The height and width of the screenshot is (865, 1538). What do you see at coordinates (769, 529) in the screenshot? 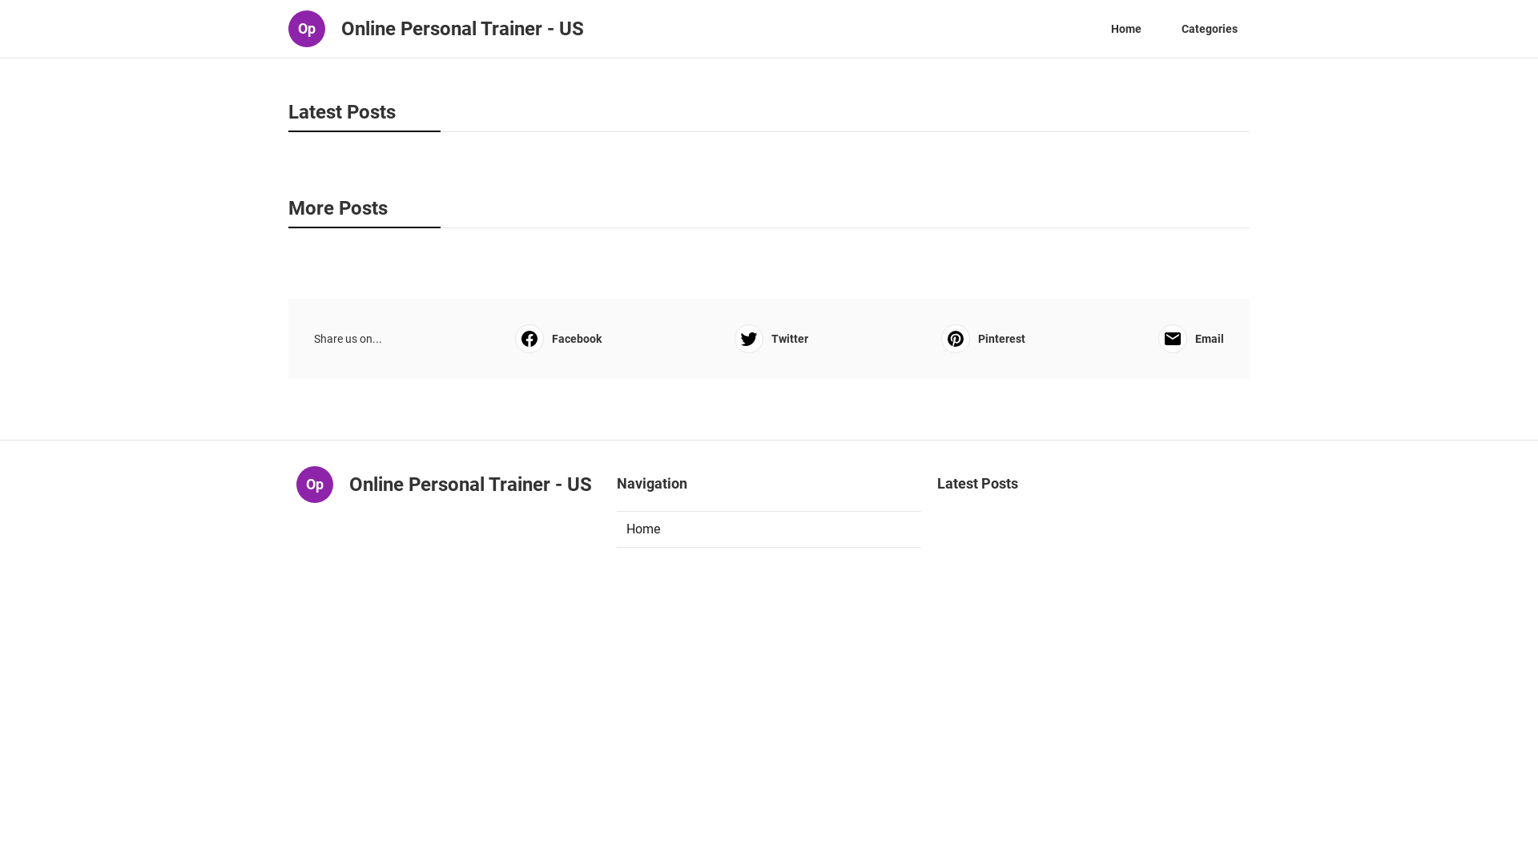
I see `'Home'` at bounding box center [769, 529].